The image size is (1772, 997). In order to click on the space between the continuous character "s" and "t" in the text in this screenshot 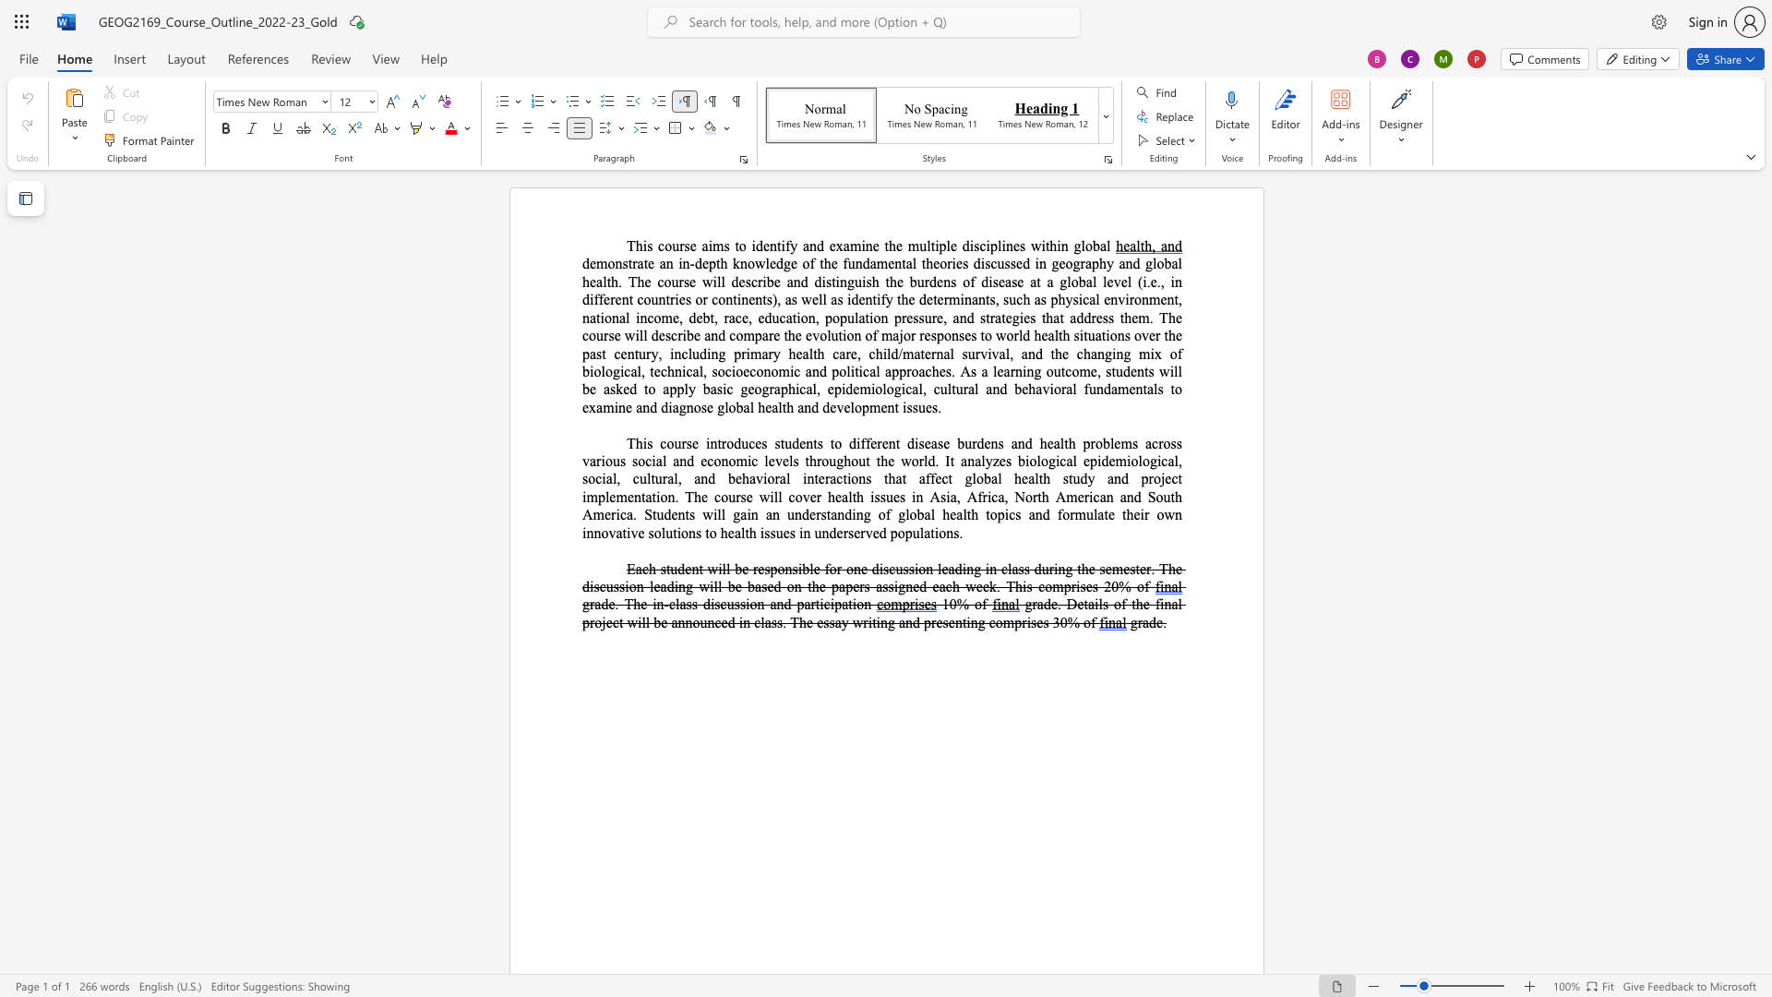, I will do `click(1110, 371)`.